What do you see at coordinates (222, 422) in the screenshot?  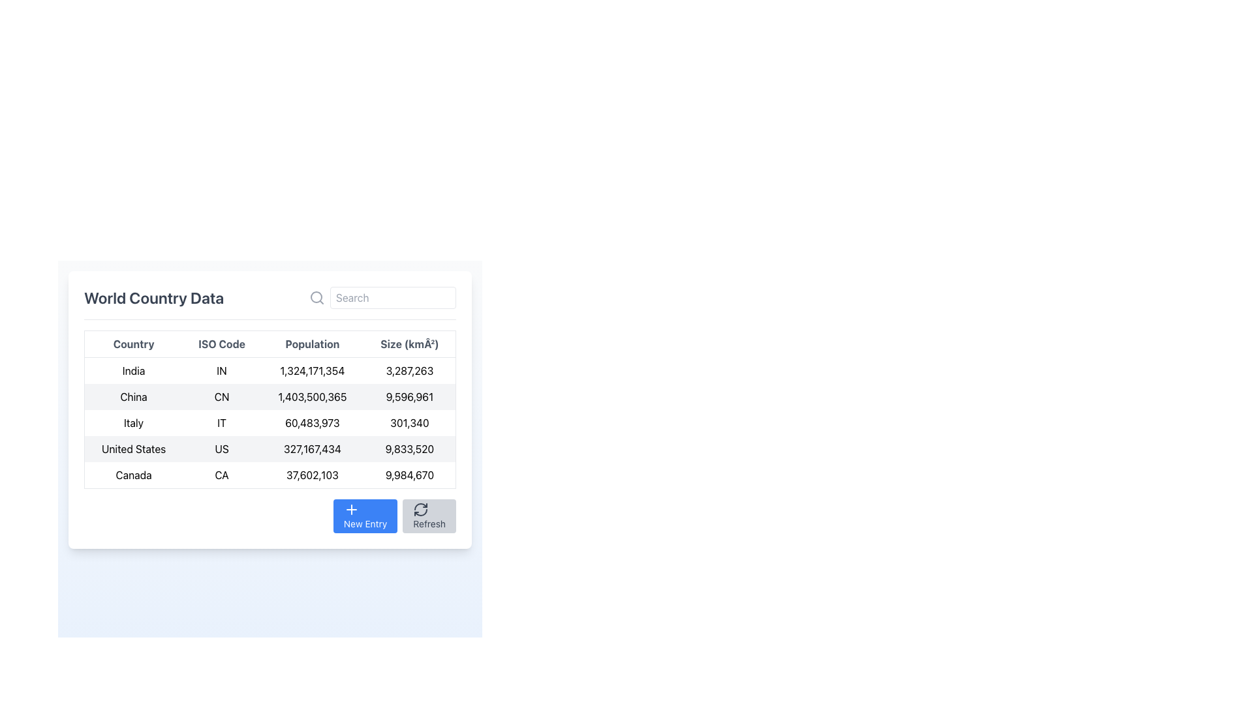 I see `the text element displaying the ISO code for Italy in the table, which is the second cell in the row corresponding to Italy` at bounding box center [222, 422].